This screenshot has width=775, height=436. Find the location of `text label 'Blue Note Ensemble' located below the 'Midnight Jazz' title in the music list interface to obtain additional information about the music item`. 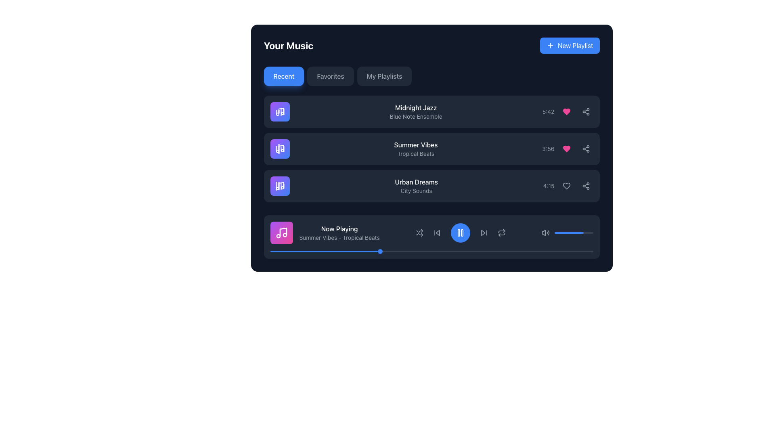

text label 'Blue Note Ensemble' located below the 'Midnight Jazz' title in the music list interface to obtain additional information about the music item is located at coordinates (416, 117).